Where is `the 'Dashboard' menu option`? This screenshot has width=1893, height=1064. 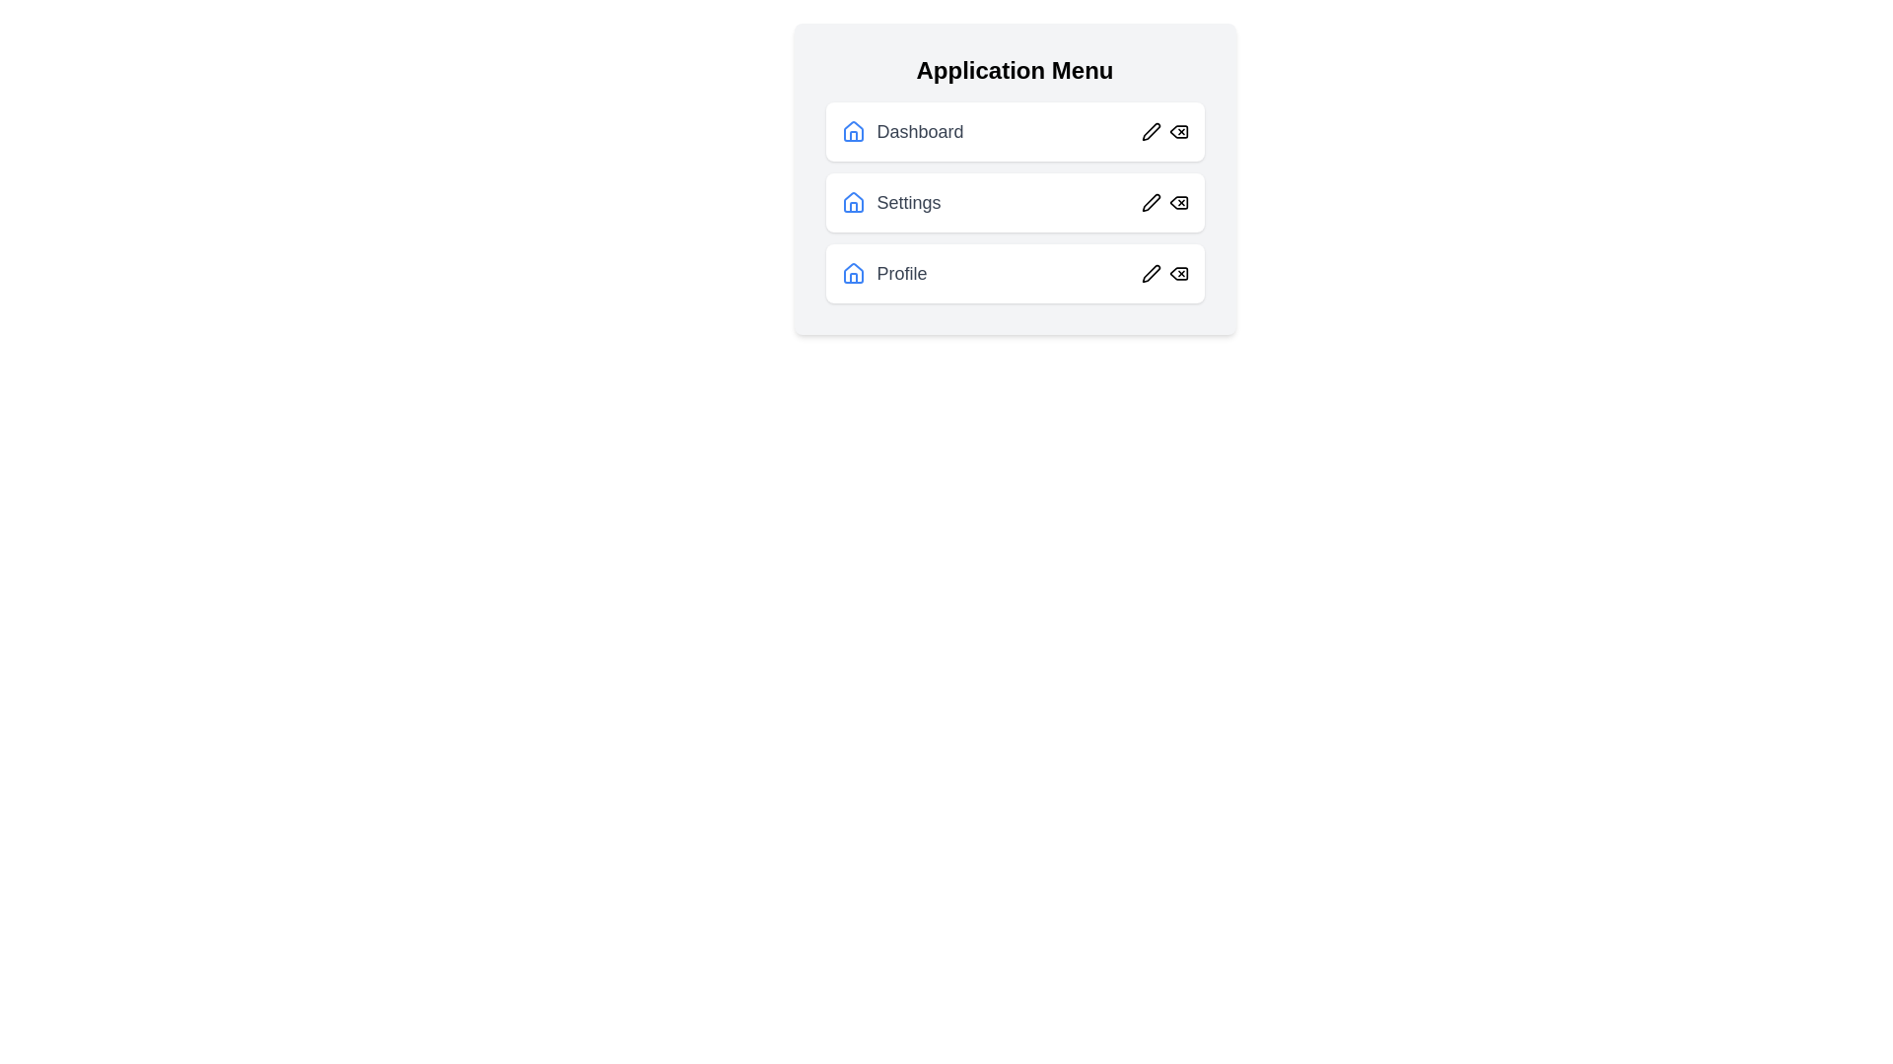
the 'Dashboard' menu option is located at coordinates (1015, 132).